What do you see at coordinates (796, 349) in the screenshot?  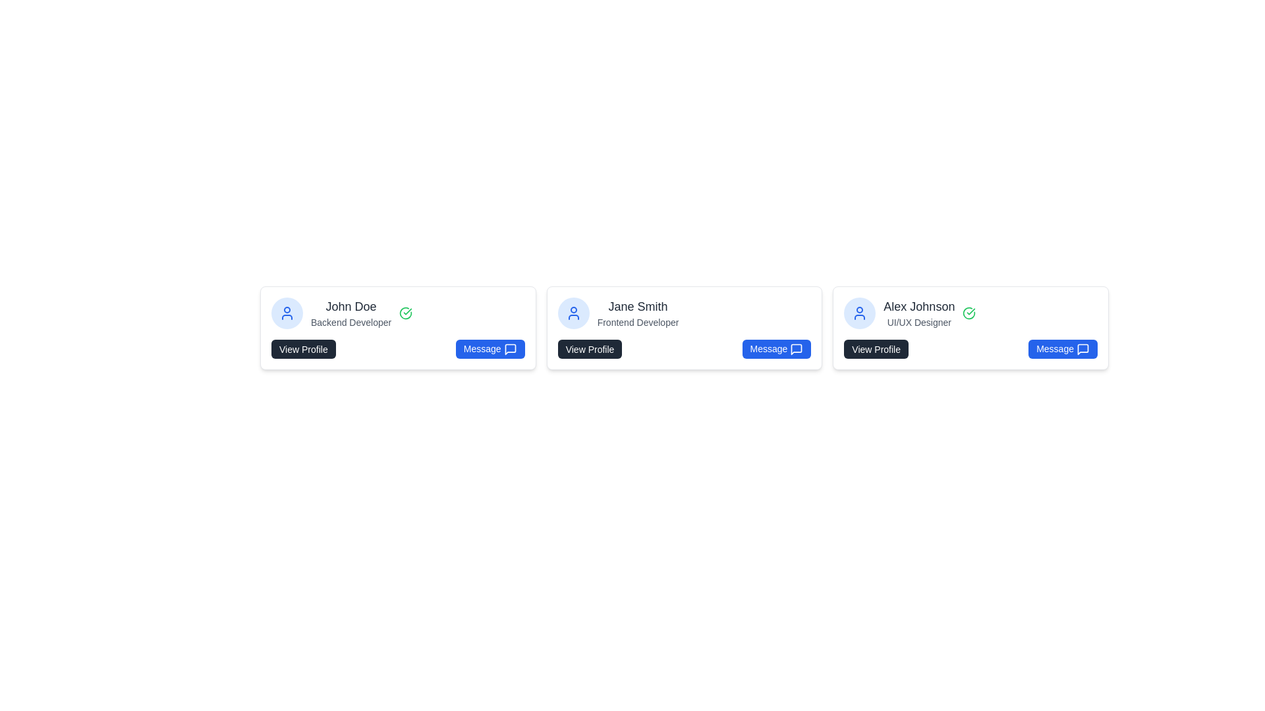 I see `the messaging icon located on the 'Message' button associated with 'Jane Smith, Frontend Developer'` at bounding box center [796, 349].